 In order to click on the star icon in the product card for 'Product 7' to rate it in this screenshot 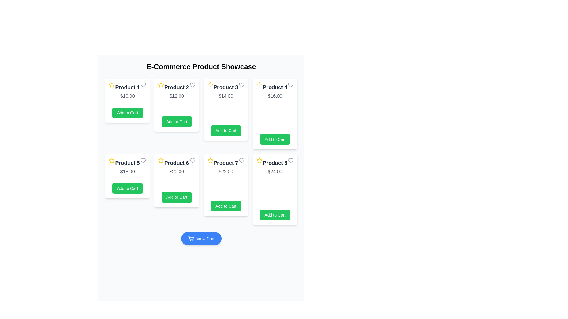, I will do `click(210, 160)`.